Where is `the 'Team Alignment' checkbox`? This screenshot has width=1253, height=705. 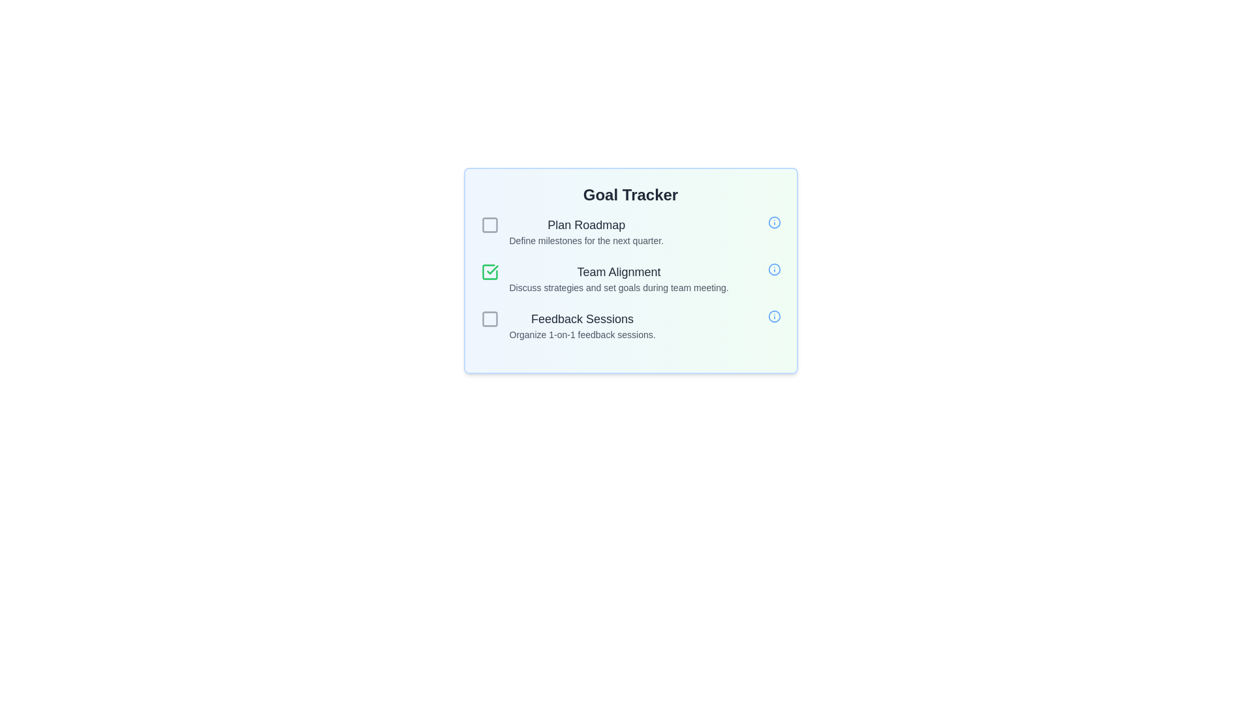 the 'Team Alignment' checkbox is located at coordinates (489, 271).